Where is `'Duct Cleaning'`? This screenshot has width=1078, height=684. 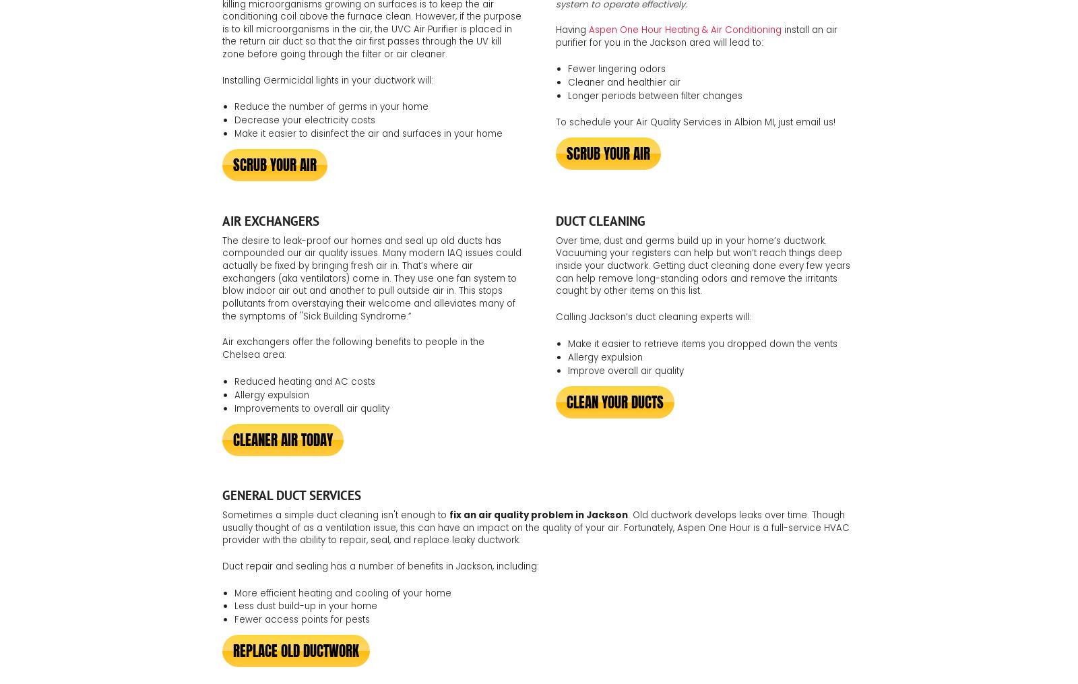
'Duct Cleaning' is located at coordinates (600, 220).